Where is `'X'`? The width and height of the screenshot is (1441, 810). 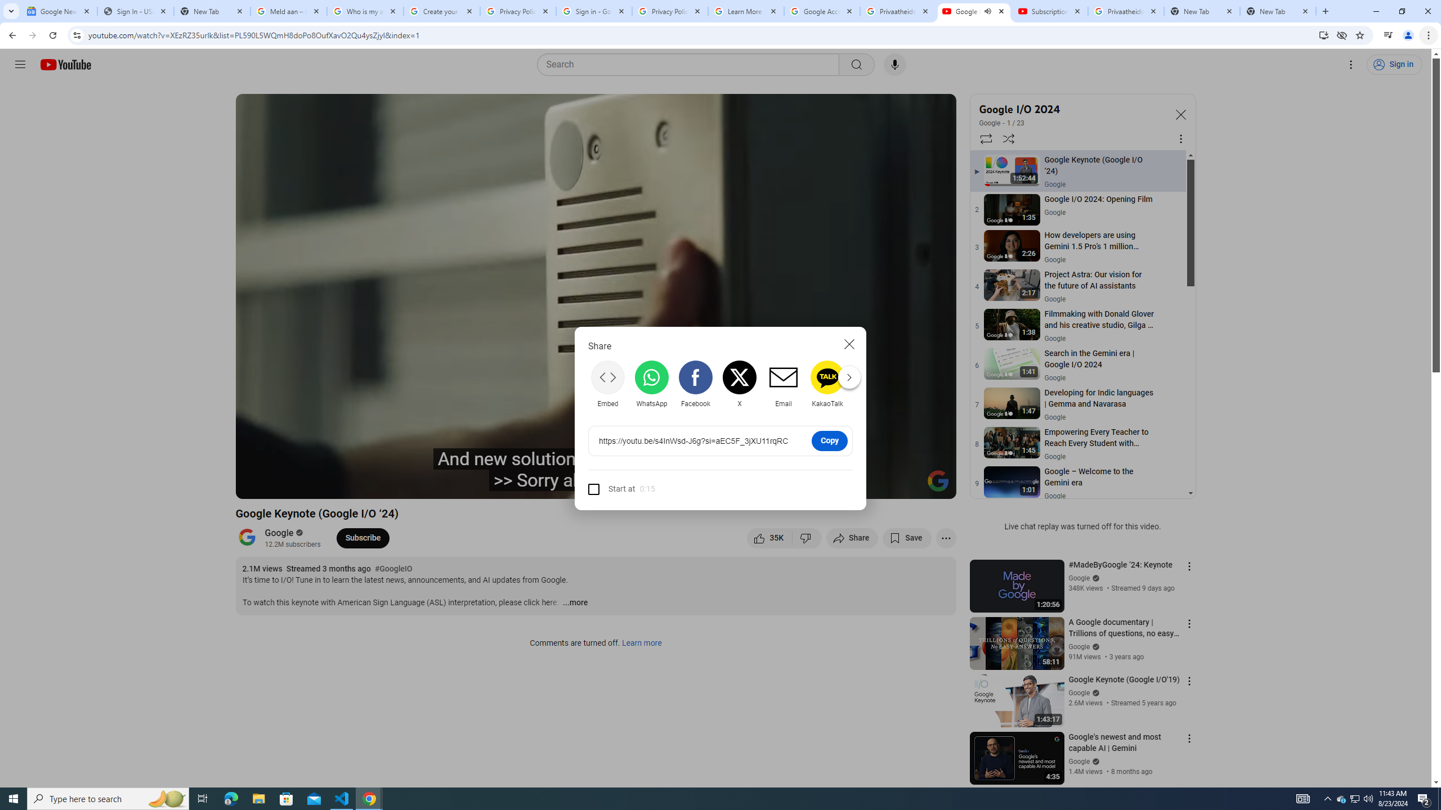
'X' is located at coordinates (739, 384).